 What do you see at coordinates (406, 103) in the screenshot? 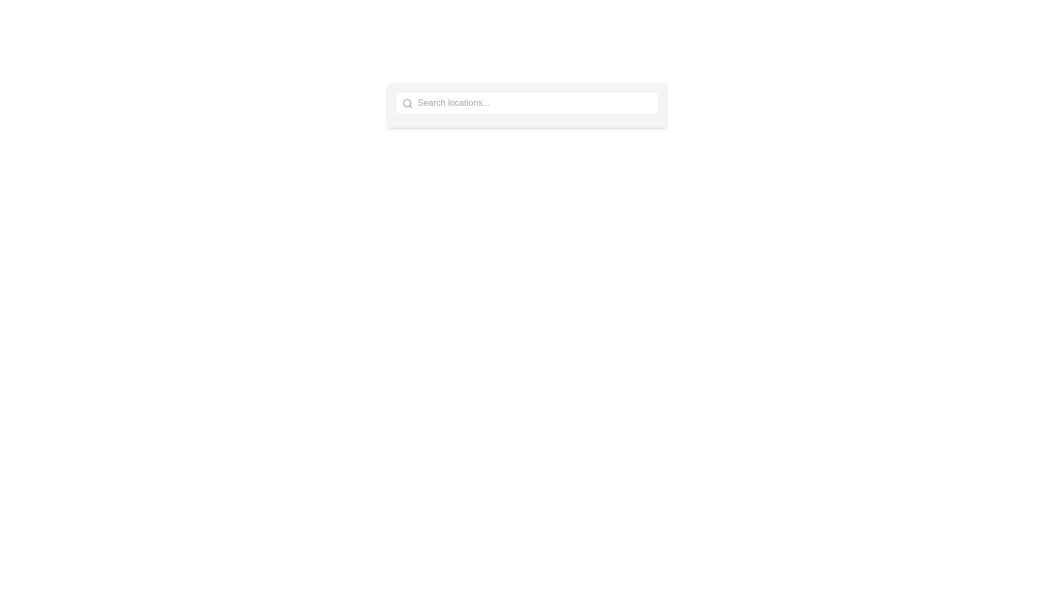
I see `the magnifying glass element of the search icon, which is located in the left margin area of the search input field` at bounding box center [406, 103].